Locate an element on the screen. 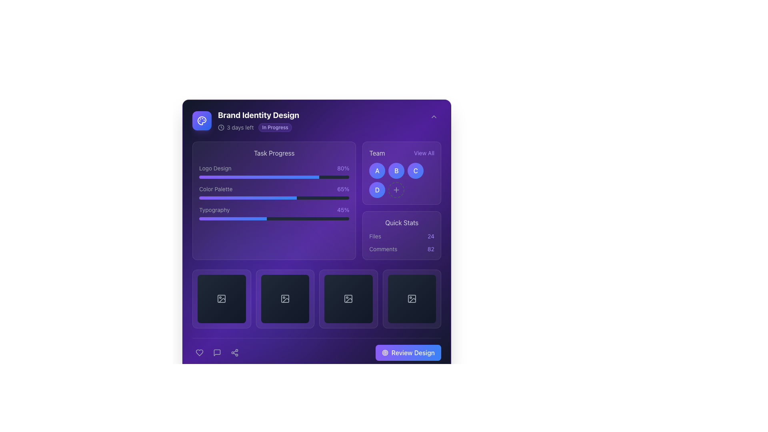 The height and width of the screenshot is (432, 768). the progress bar labeled 'Logo Design' which shows an 80% completion with a gradient color from violet to blue, located under the 'Task Progress' section is located at coordinates (274, 171).